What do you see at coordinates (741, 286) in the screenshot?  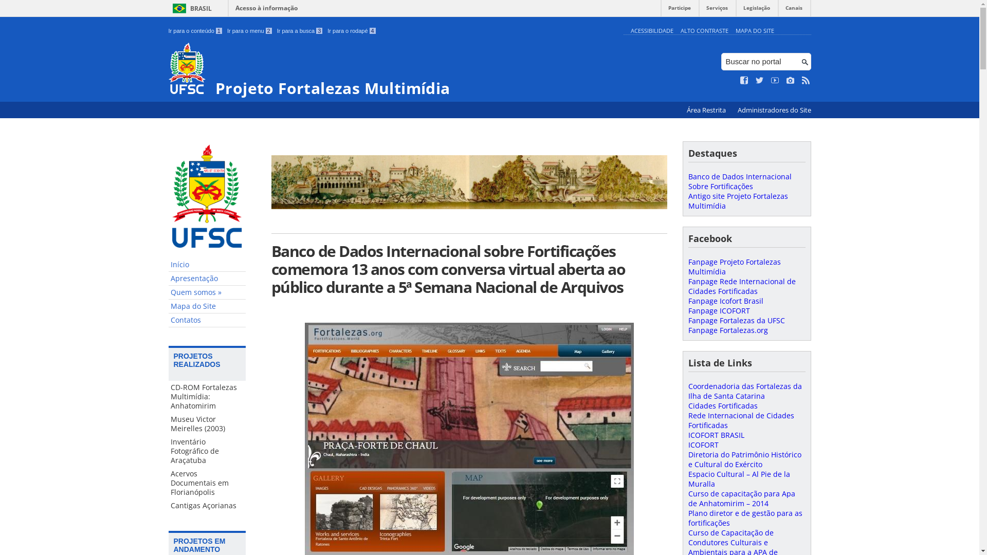 I see `'Fanpage Rede Internacional de Cidades Fortificadas'` at bounding box center [741, 286].